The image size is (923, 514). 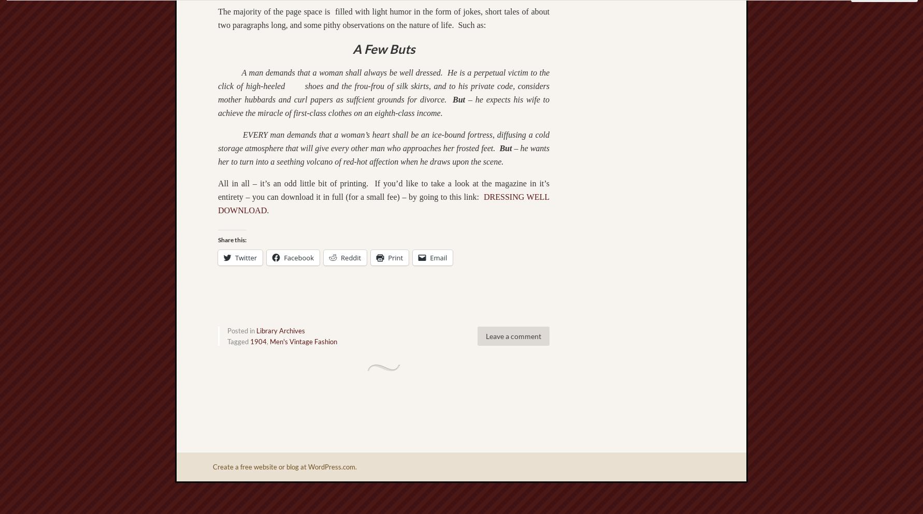 I want to click on 'Create a free website or blog at WordPress.com.', so click(x=212, y=466).